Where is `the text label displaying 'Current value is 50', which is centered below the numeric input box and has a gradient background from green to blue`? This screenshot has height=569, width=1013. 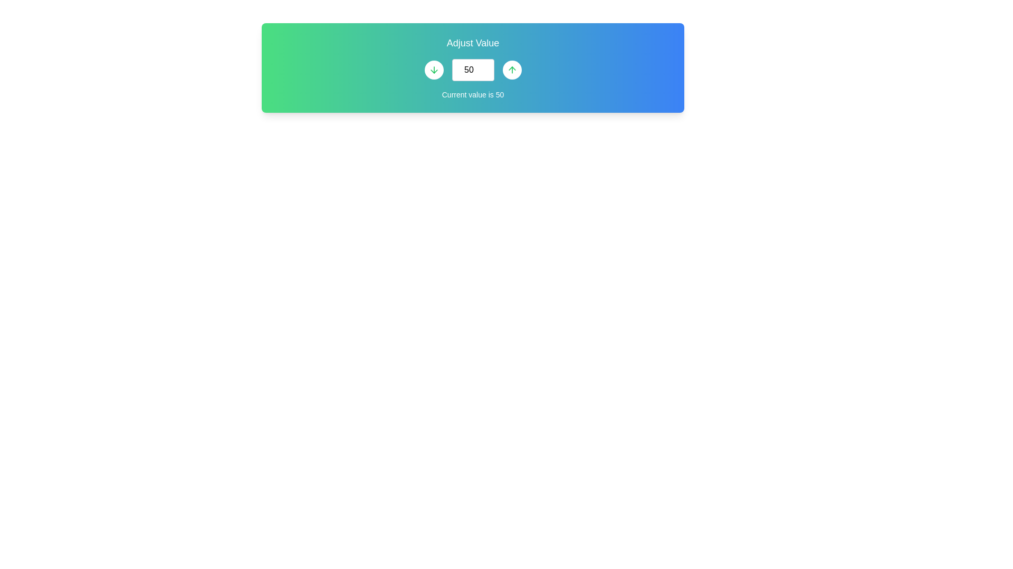 the text label displaying 'Current value is 50', which is centered below the numeric input box and has a gradient background from green to blue is located at coordinates (472, 95).